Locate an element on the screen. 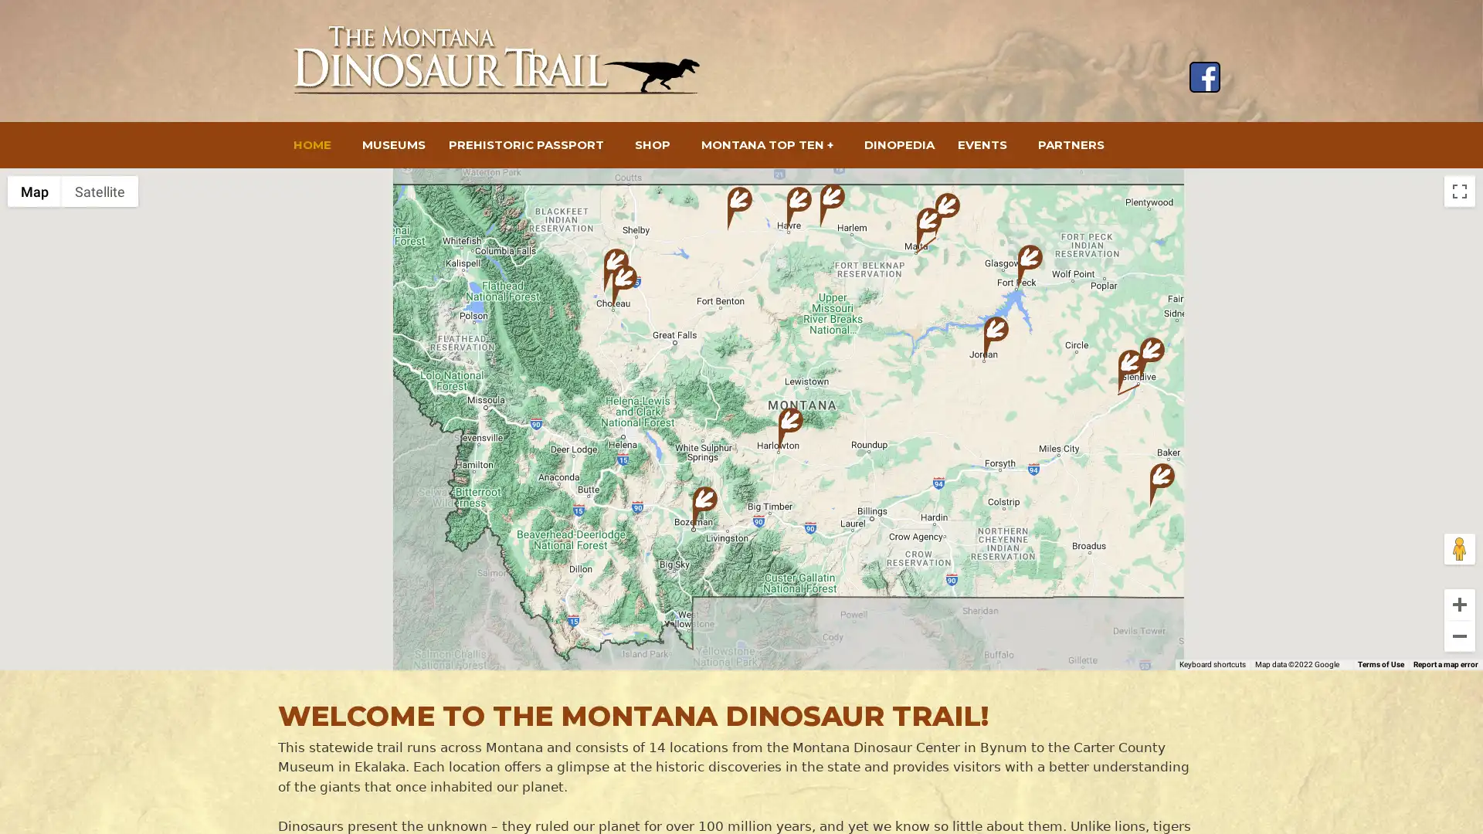 This screenshot has height=834, width=1483. Keyboard shortcuts is located at coordinates (1221, 663).